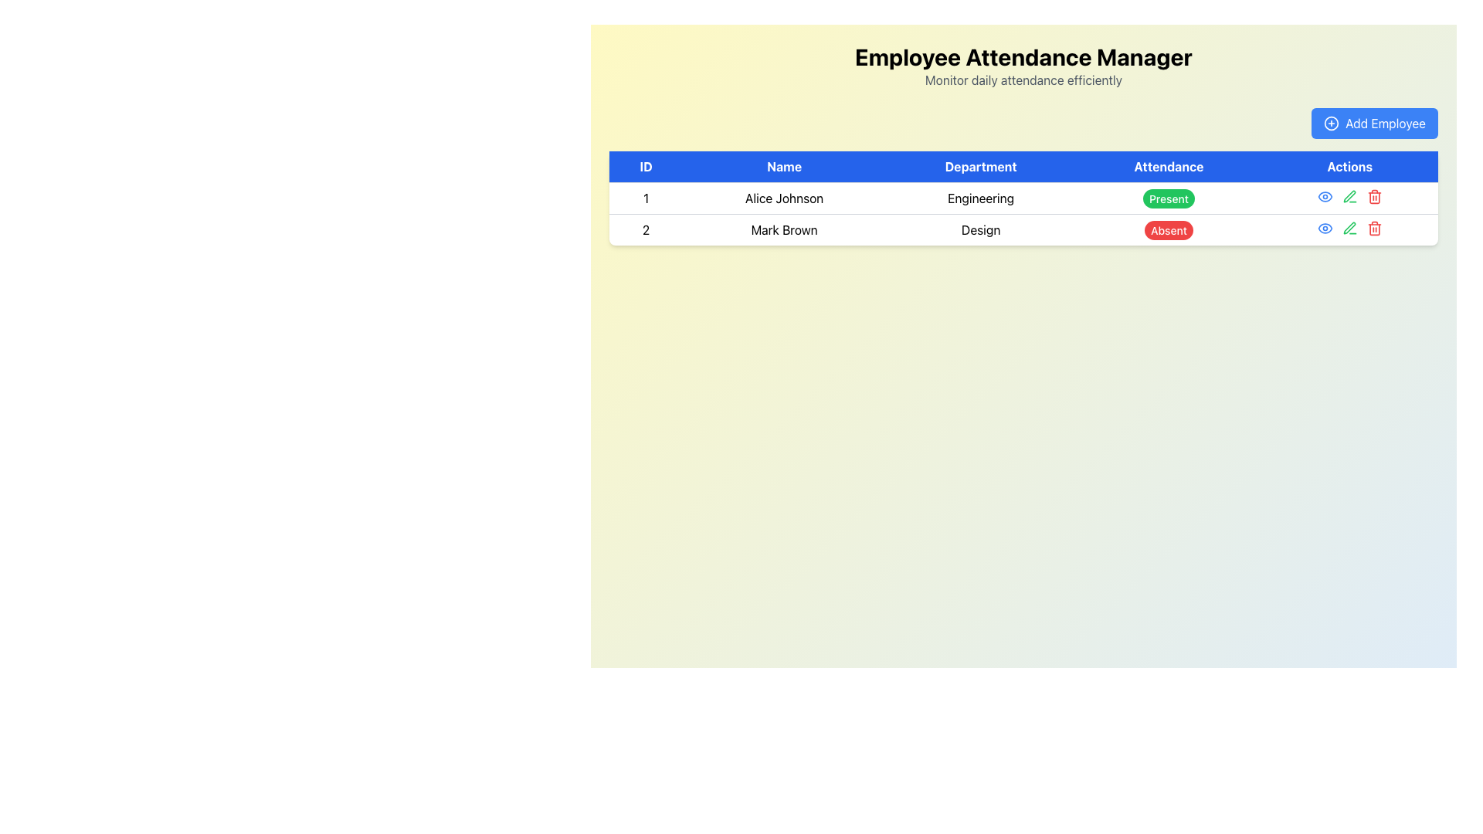 The width and height of the screenshot is (1483, 834). What do you see at coordinates (1324, 195) in the screenshot?
I see `the blue eye-shaped icon button in the second row's 'Actions' column of the table` at bounding box center [1324, 195].